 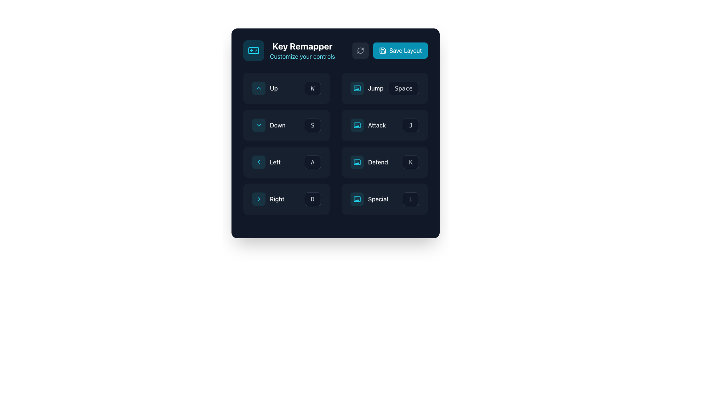 I want to click on the Interactive button with an icon located to the left of the 'Save Layout' button in the upper-right corner of the 'Key Remapper' interface, so click(x=361, y=50).